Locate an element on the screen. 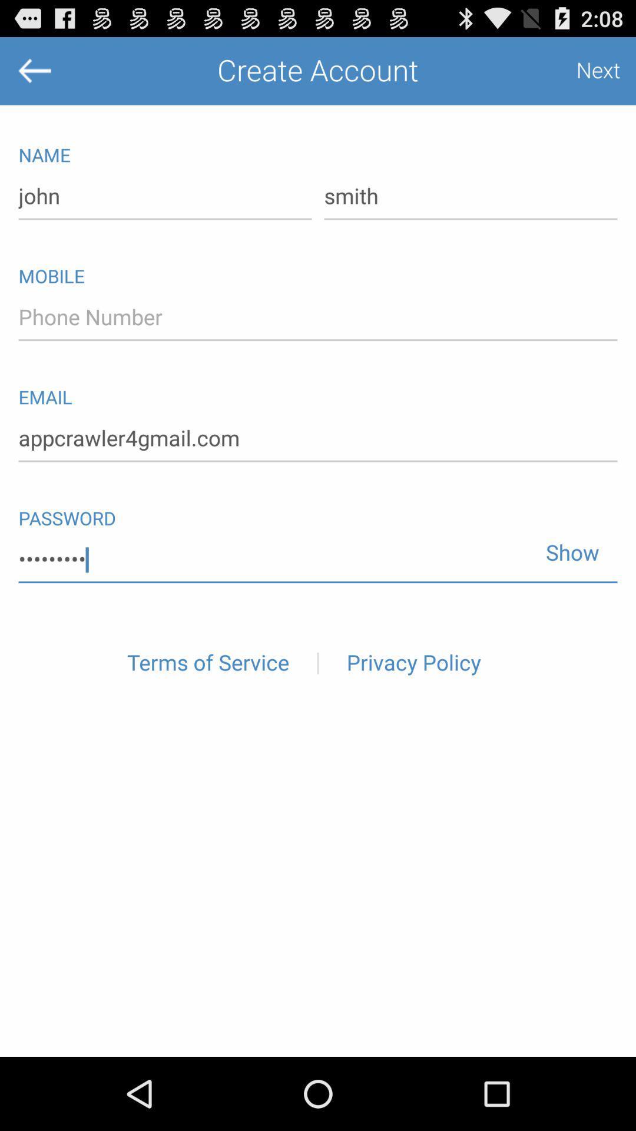  the icon below name item is located at coordinates (470, 197).